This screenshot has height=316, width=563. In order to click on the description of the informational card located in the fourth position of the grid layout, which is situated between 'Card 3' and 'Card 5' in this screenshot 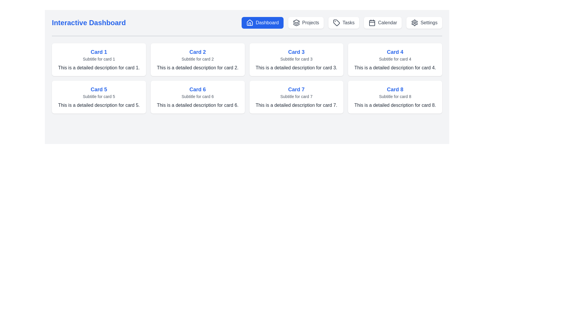, I will do `click(395, 60)`.